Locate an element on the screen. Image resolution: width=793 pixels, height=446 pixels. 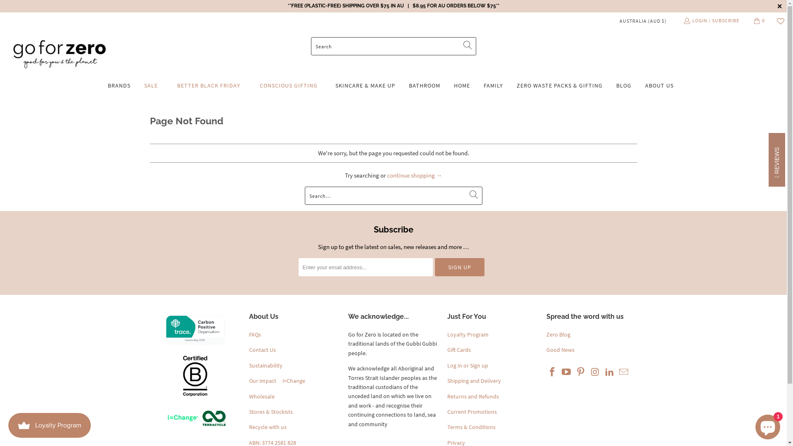
'LOGIN / SUBSCRIBE' is located at coordinates (711, 20).